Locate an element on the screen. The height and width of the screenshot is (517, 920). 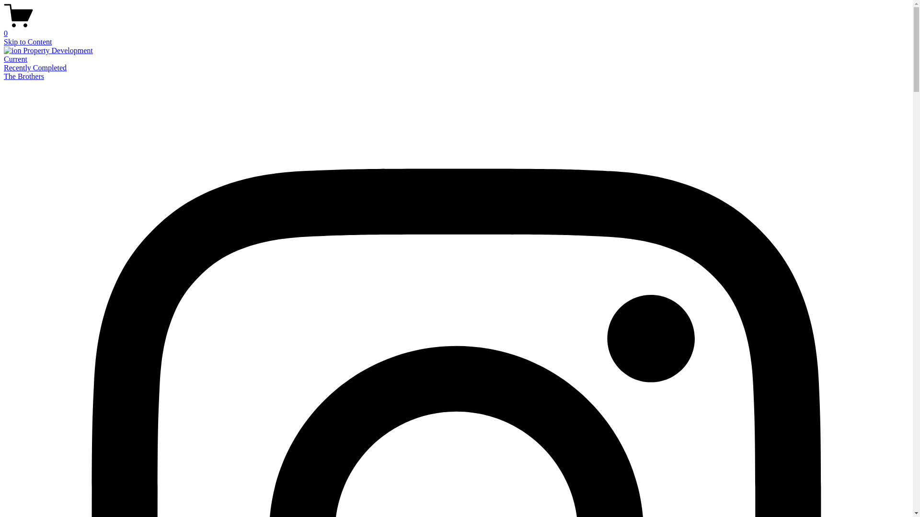
'Current' is located at coordinates (4, 59).